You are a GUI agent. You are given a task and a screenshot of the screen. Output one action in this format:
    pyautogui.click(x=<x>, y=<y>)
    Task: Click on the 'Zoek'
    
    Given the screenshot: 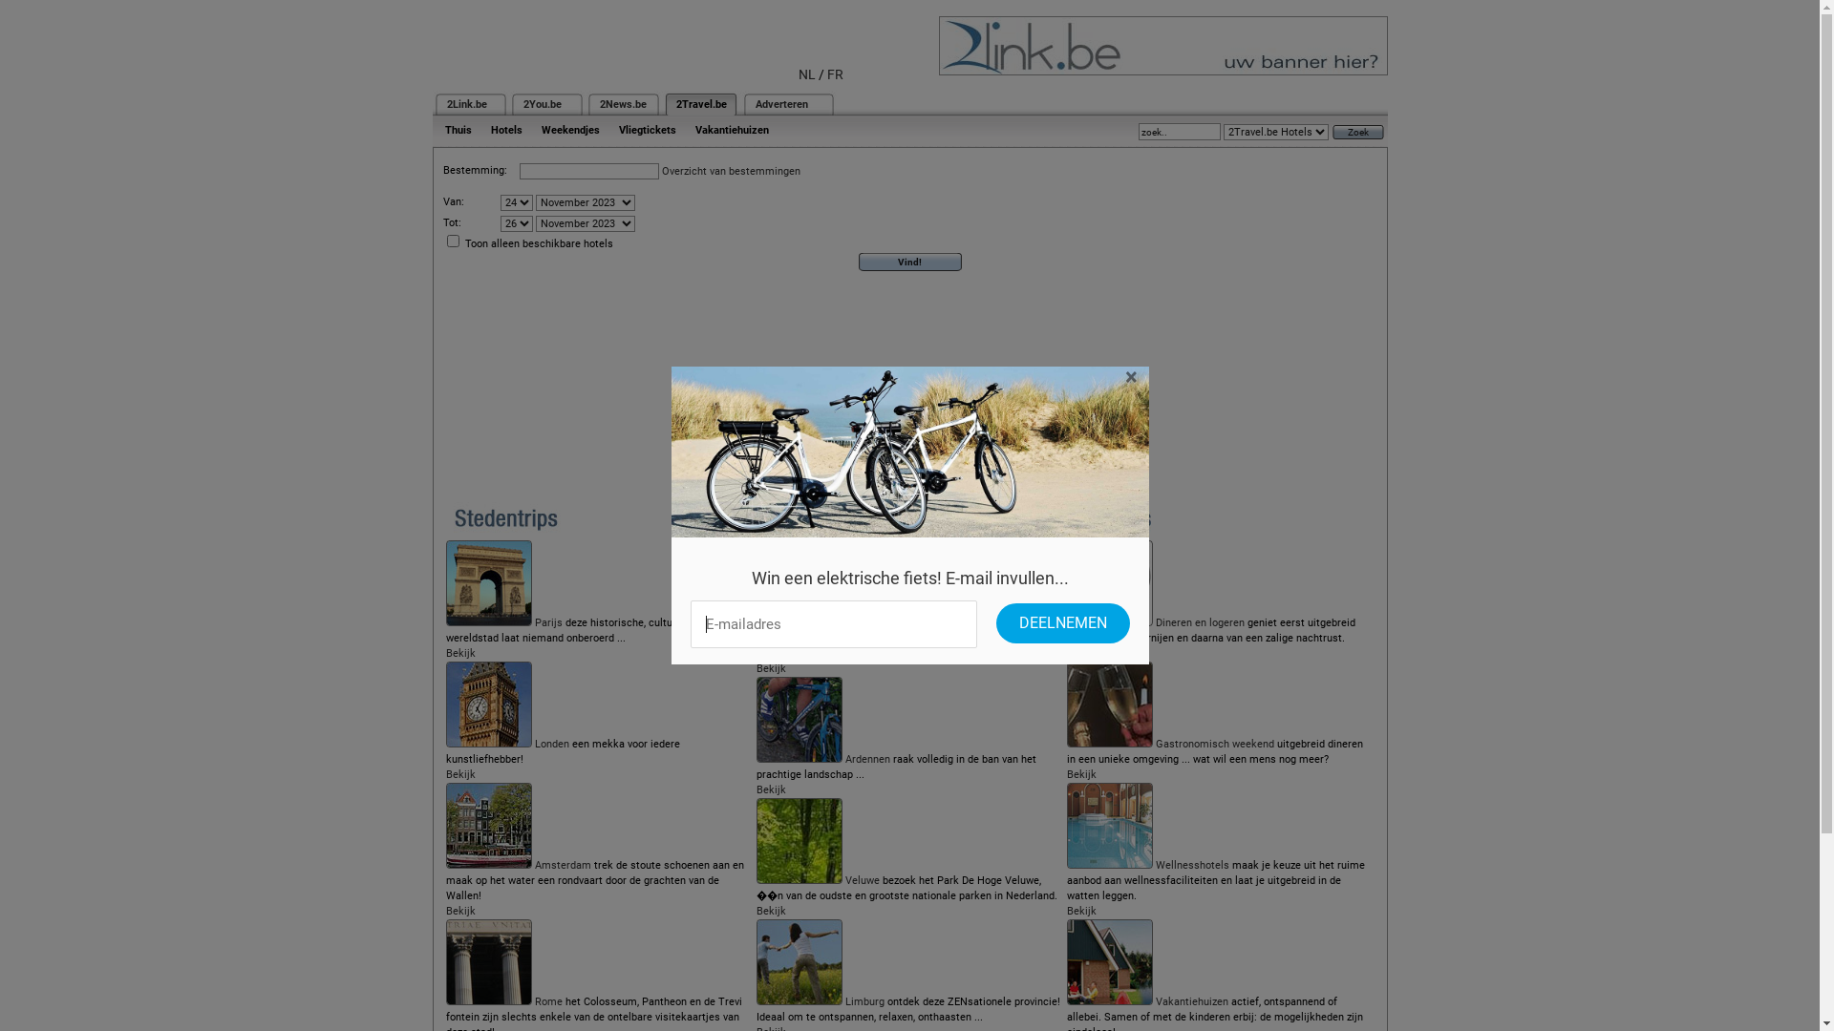 What is the action you would take?
    pyautogui.click(x=1355, y=130)
    